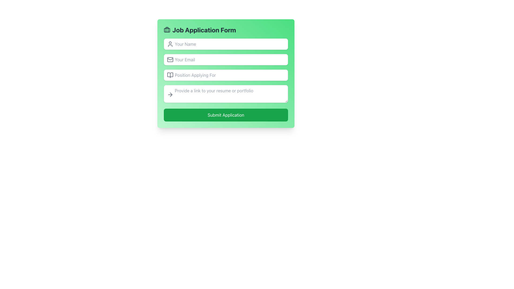 The width and height of the screenshot is (514, 289). I want to click on the vertical handle bar of the briefcase icon, which is part of the Vector Graphic Component representing a professional context, located to the left of the text 'Job Application Form.', so click(167, 30).